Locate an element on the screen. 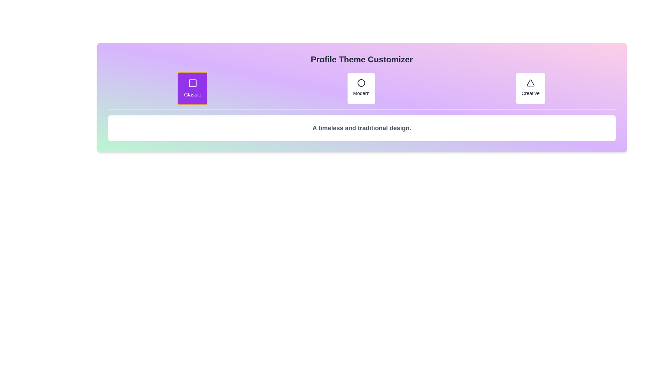  the 'Modern' button is located at coordinates (361, 88).